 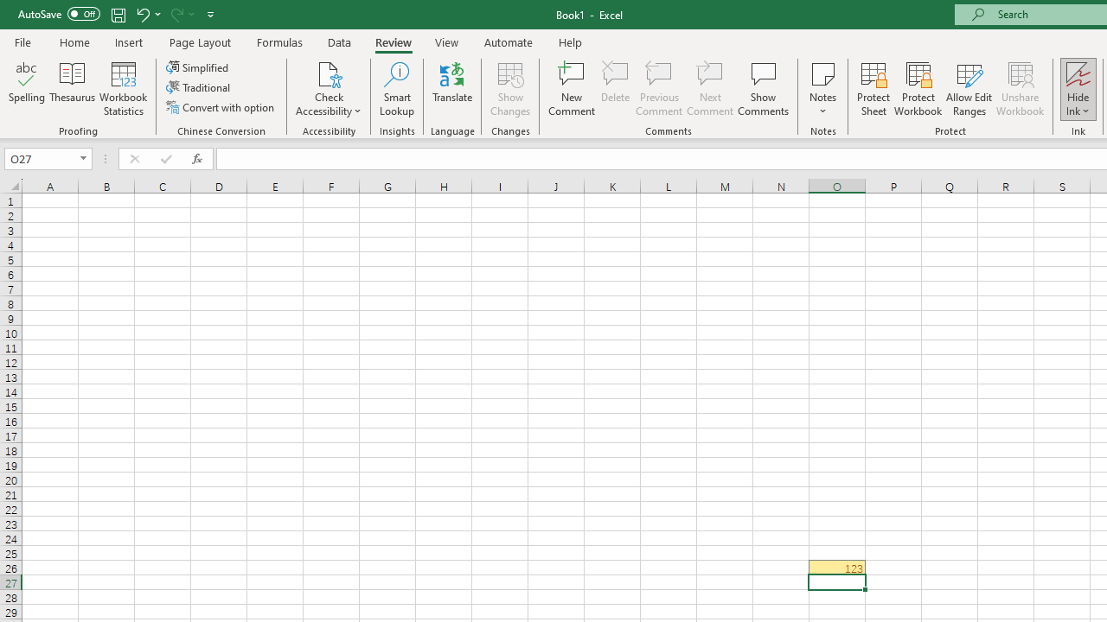 What do you see at coordinates (27, 89) in the screenshot?
I see `'Spelling...'` at bounding box center [27, 89].